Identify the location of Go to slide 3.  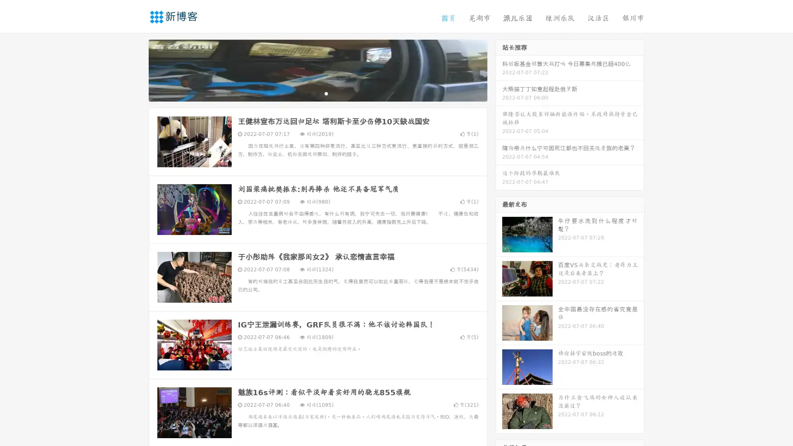
(326, 93).